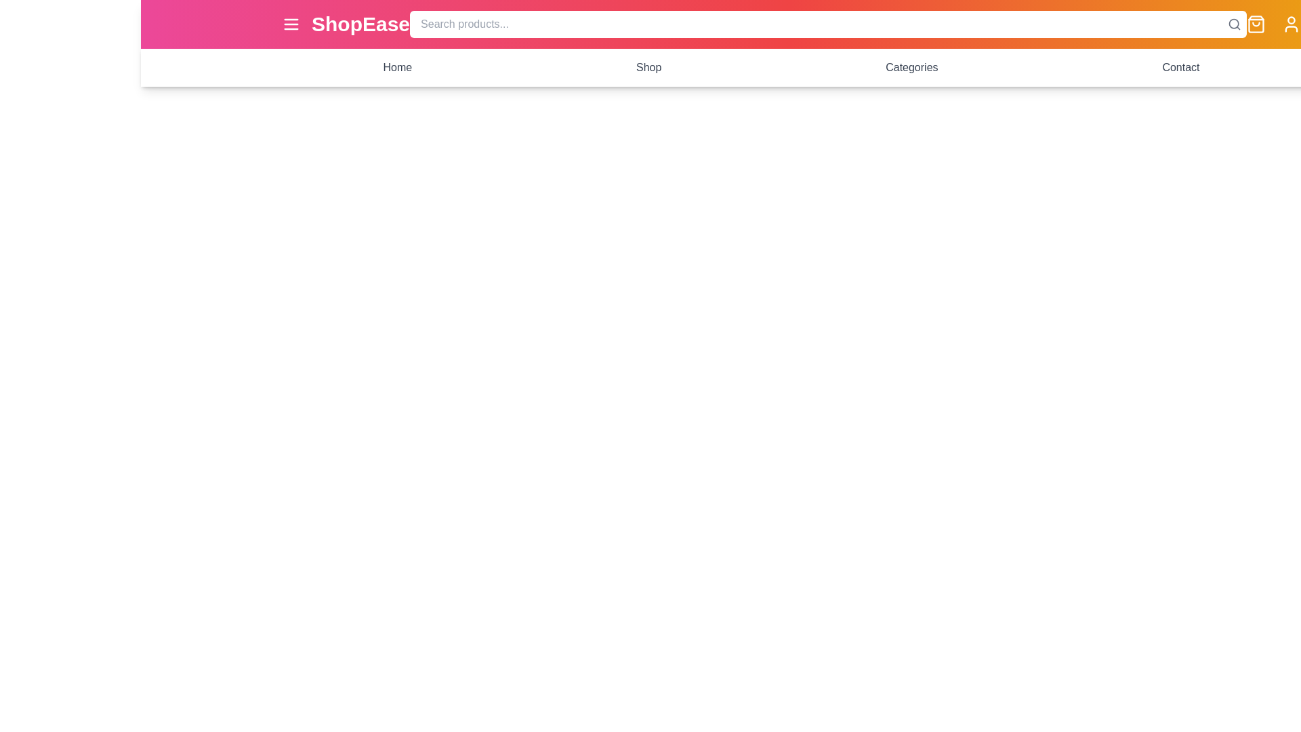 This screenshot has height=732, width=1301. What do you see at coordinates (396, 68) in the screenshot?
I see `the navigation link labeled Home to navigate to the corresponding section` at bounding box center [396, 68].